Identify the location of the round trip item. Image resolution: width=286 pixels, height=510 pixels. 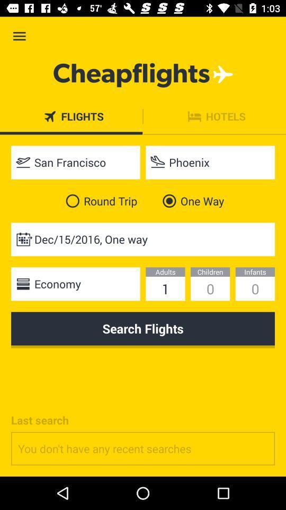
(99, 200).